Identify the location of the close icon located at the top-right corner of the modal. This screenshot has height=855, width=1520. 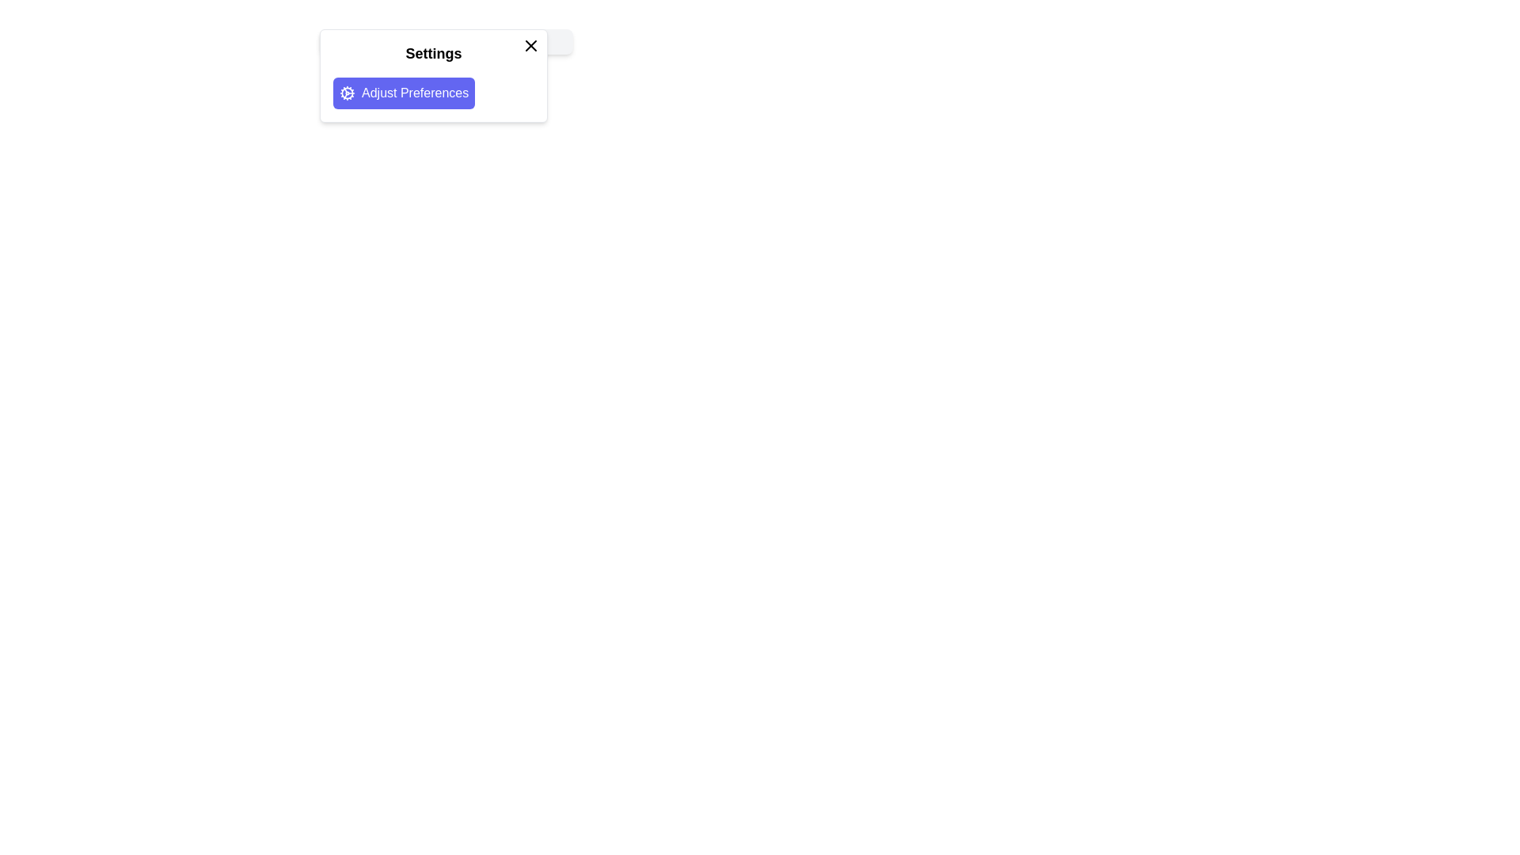
(531, 44).